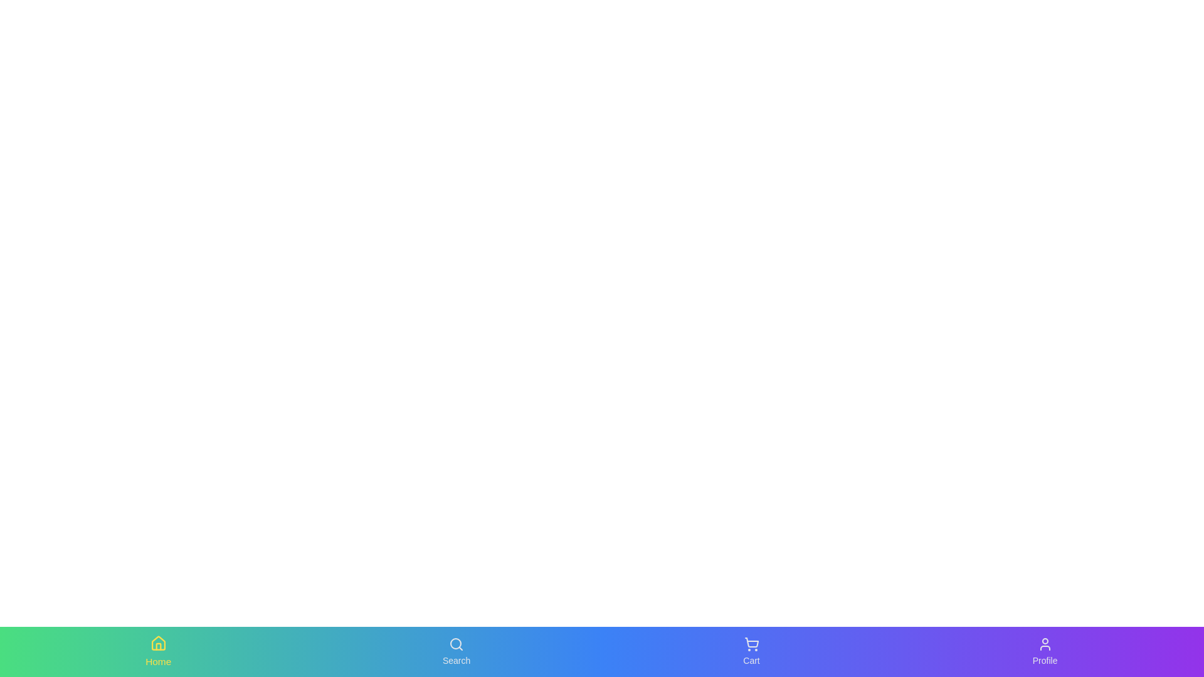 The height and width of the screenshot is (677, 1204). I want to click on the Navigation Button with a user icon labeled 'Profile' located in the bottom-right corner of the interface, so click(1045, 651).